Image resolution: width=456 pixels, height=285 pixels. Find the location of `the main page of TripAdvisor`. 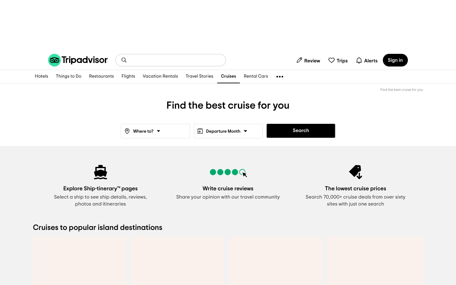

the main page of TripAdvisor is located at coordinates (77, 60).